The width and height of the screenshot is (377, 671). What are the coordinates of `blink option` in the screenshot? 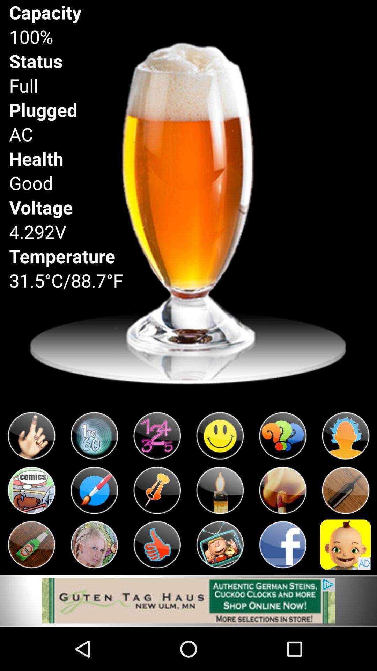 It's located at (94, 435).